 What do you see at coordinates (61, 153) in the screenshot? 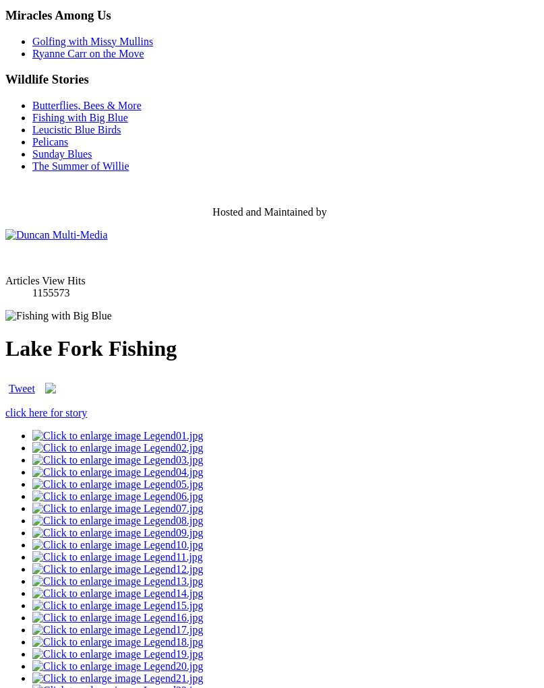
I see `'Sunday Blues'` at bounding box center [61, 153].